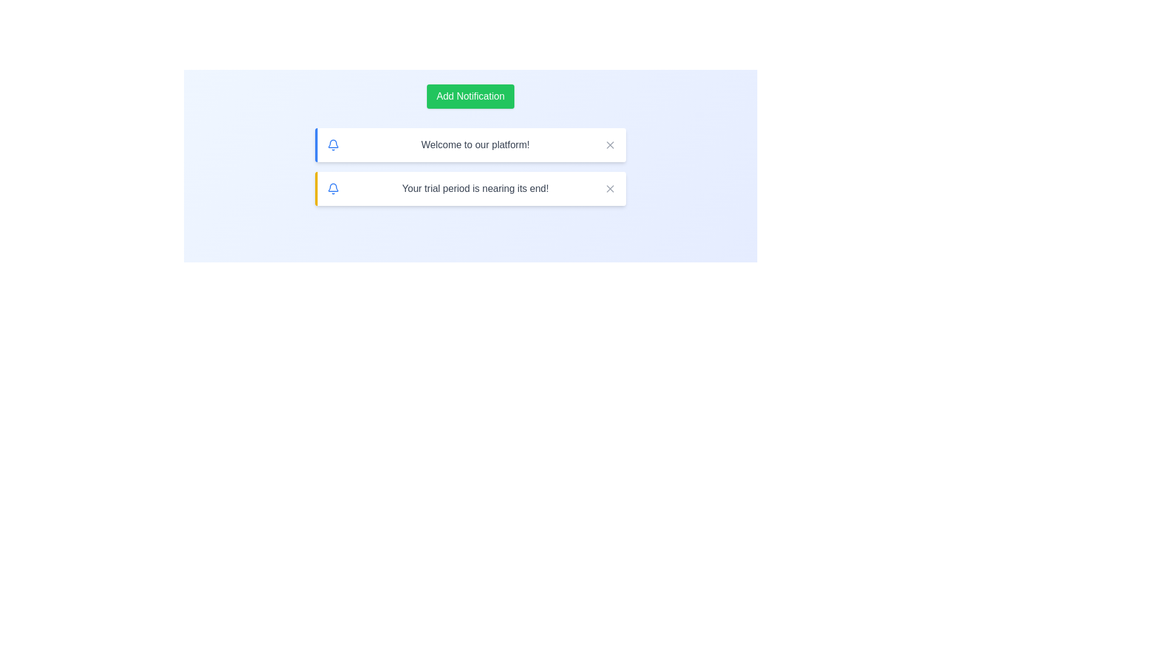 This screenshot has width=1166, height=656. Describe the element at coordinates (469, 95) in the screenshot. I see `the 'Add Notification' button to add a new notification` at that location.